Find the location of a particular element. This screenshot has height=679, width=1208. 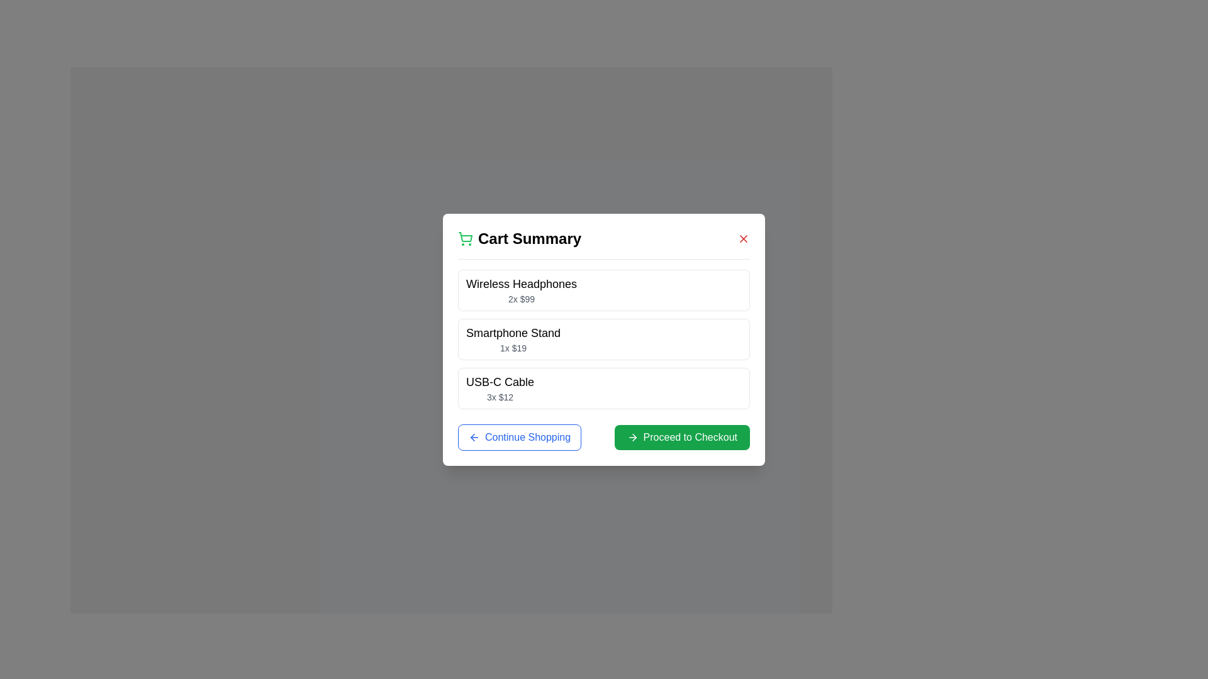

the 'Proceed to Checkout' button with rounded corners and a green background is located at coordinates (681, 436).